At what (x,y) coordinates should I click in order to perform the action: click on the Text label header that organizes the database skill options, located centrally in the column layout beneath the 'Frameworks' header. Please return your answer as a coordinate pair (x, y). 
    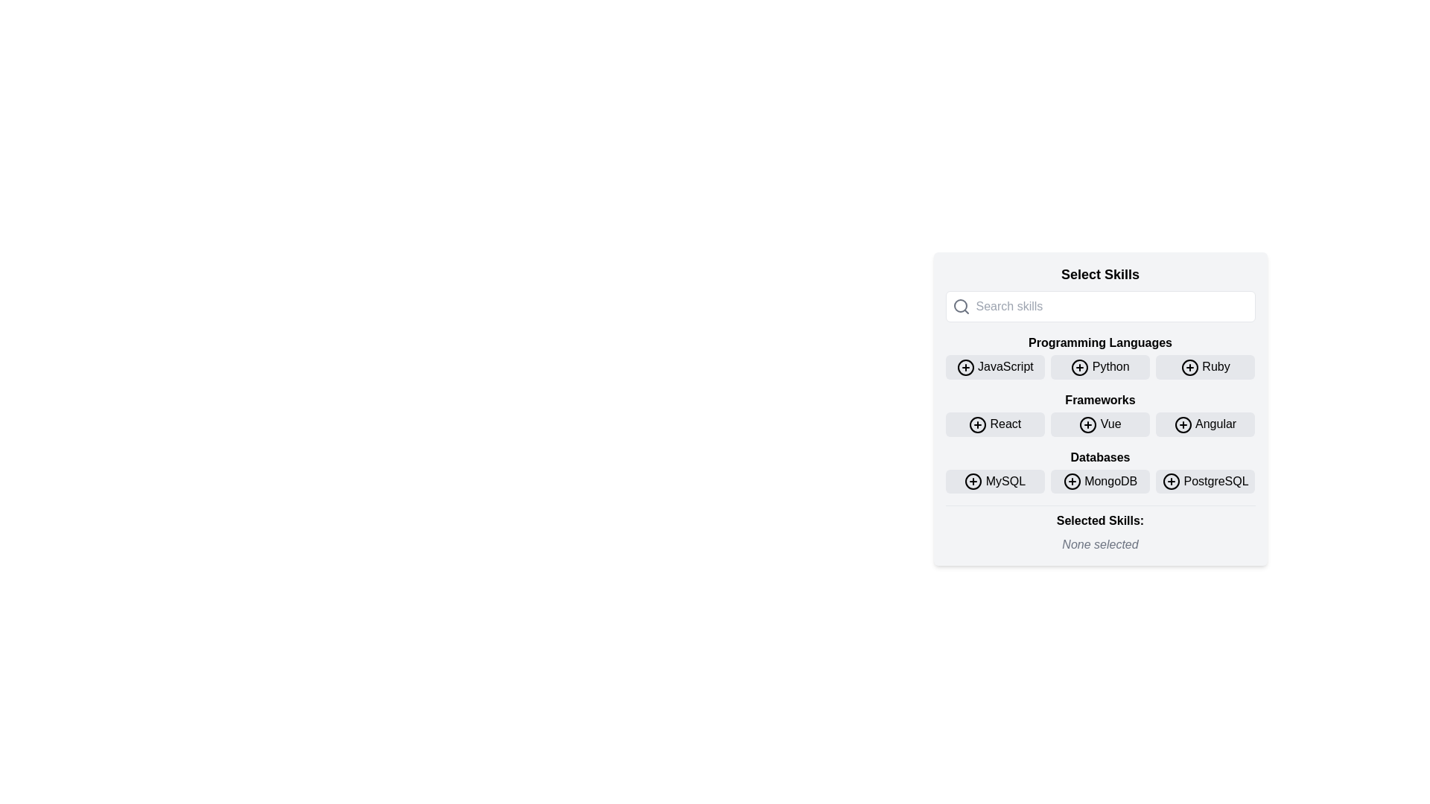
    Looking at the image, I should click on (1100, 456).